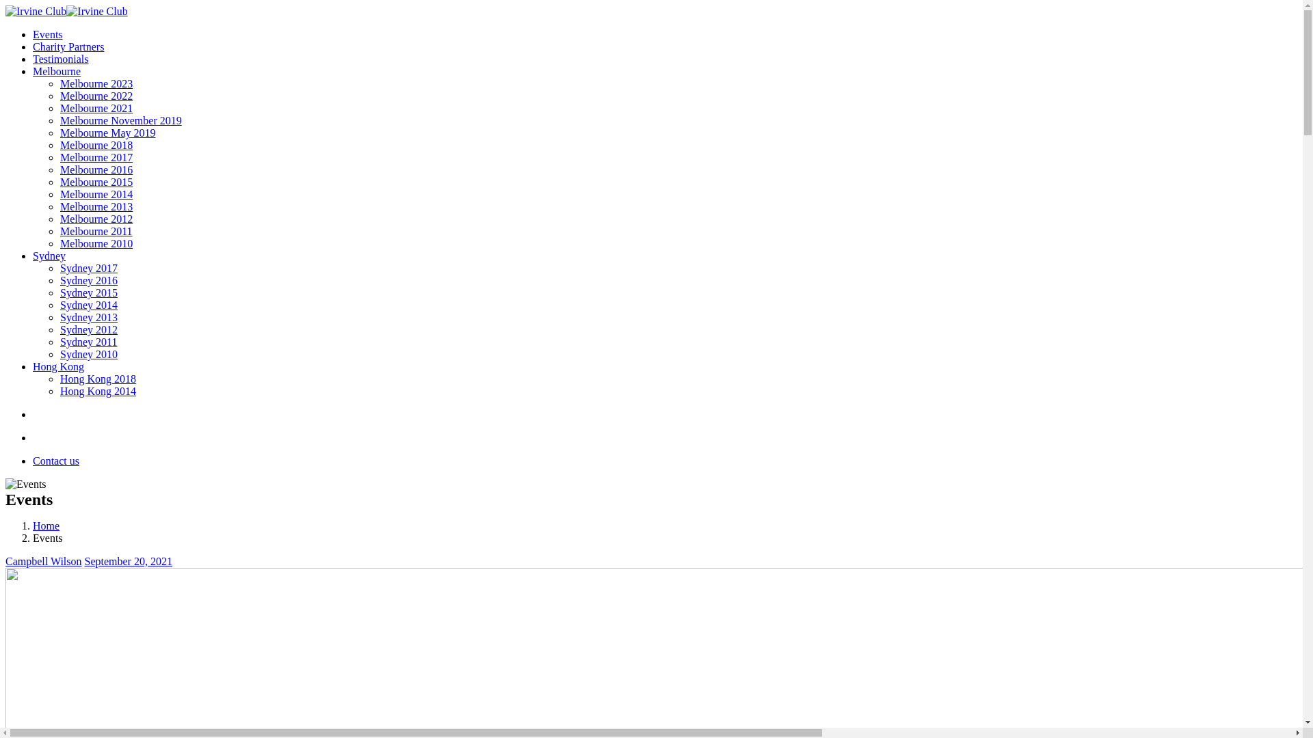 This screenshot has width=1313, height=738. Describe the element at coordinates (57, 366) in the screenshot. I see `'Hong Kong'` at that location.